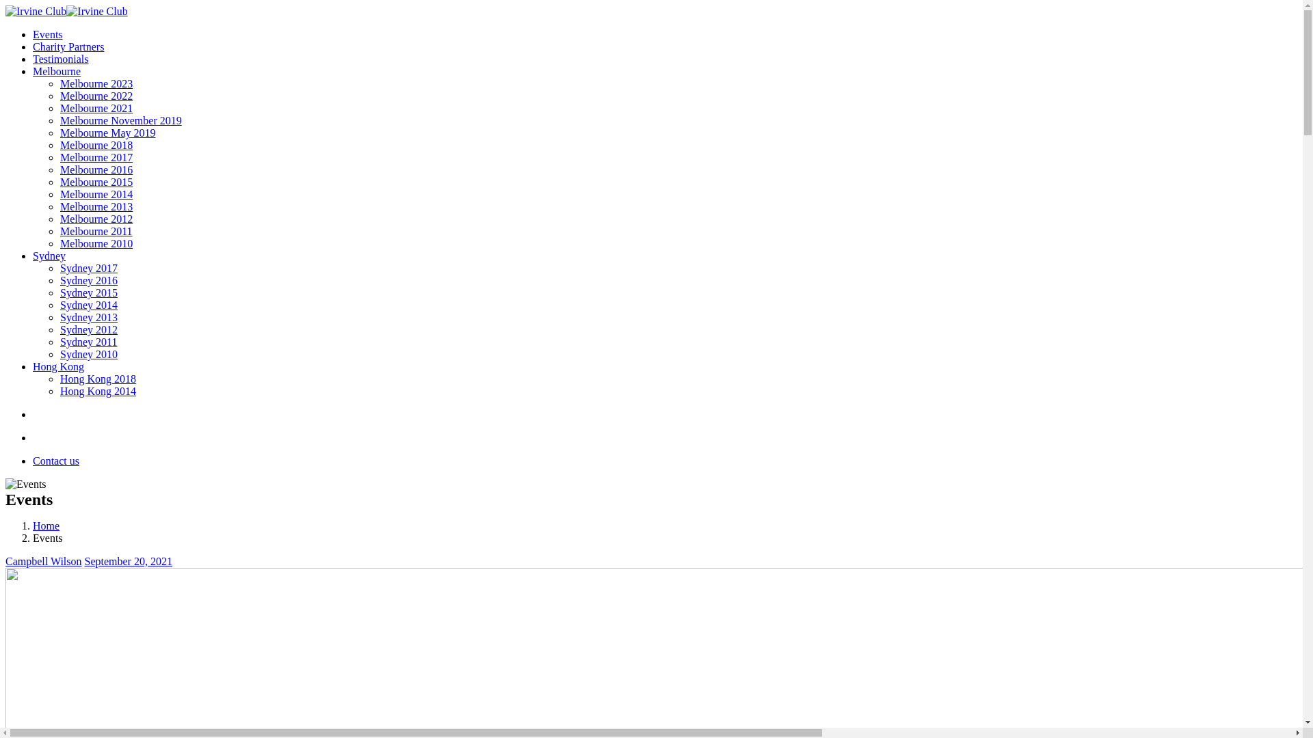 This screenshot has width=1313, height=738. Describe the element at coordinates (57, 366) in the screenshot. I see `'Hong Kong'` at that location.